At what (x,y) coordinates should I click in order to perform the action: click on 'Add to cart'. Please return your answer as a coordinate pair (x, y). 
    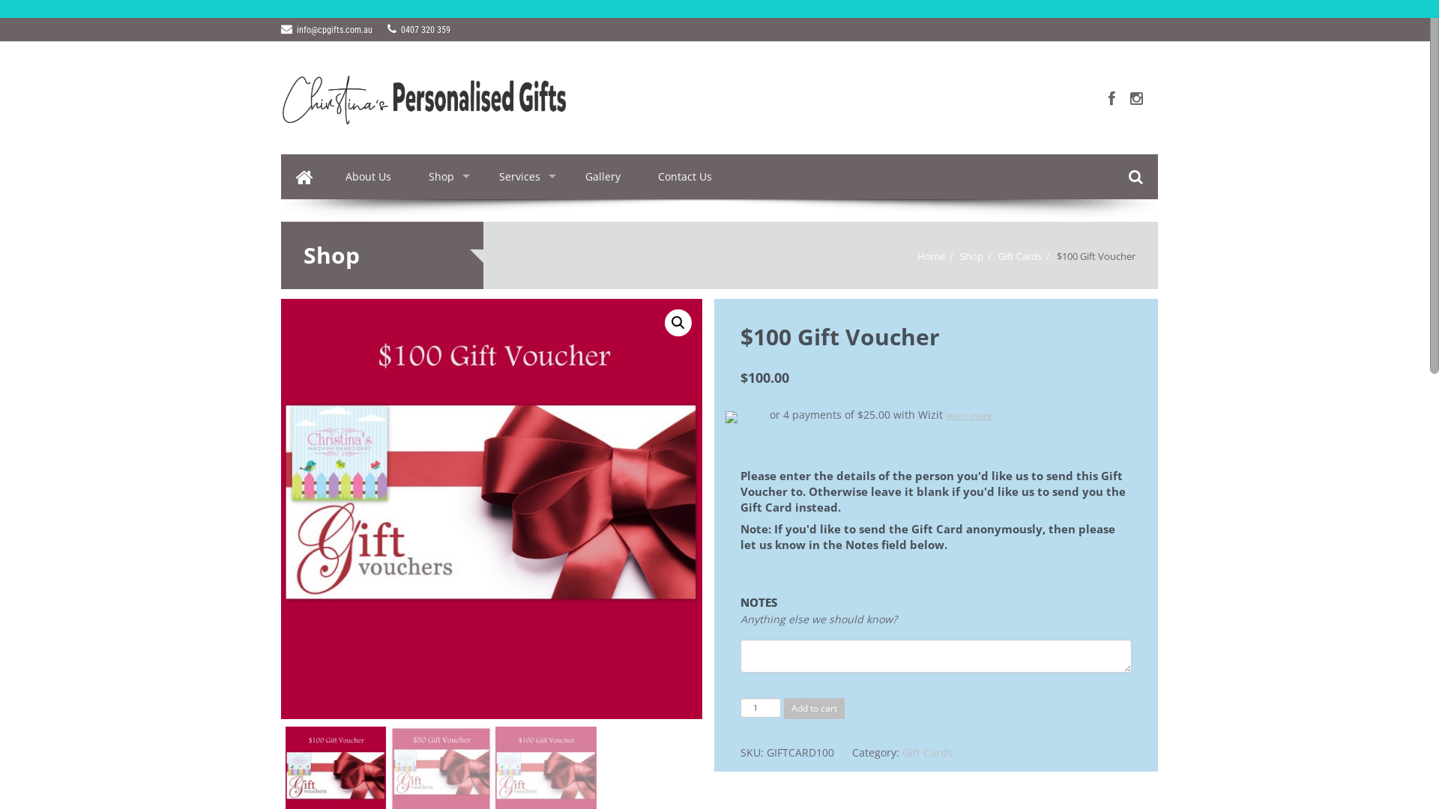
    Looking at the image, I should click on (783, 708).